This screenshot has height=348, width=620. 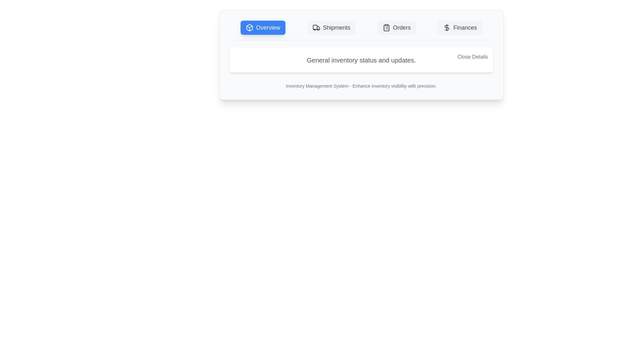 I want to click on the tab Finances to observe the hover state effect, so click(x=460, y=27).